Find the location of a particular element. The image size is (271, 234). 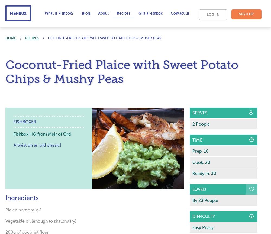

'Serves' is located at coordinates (192, 113).